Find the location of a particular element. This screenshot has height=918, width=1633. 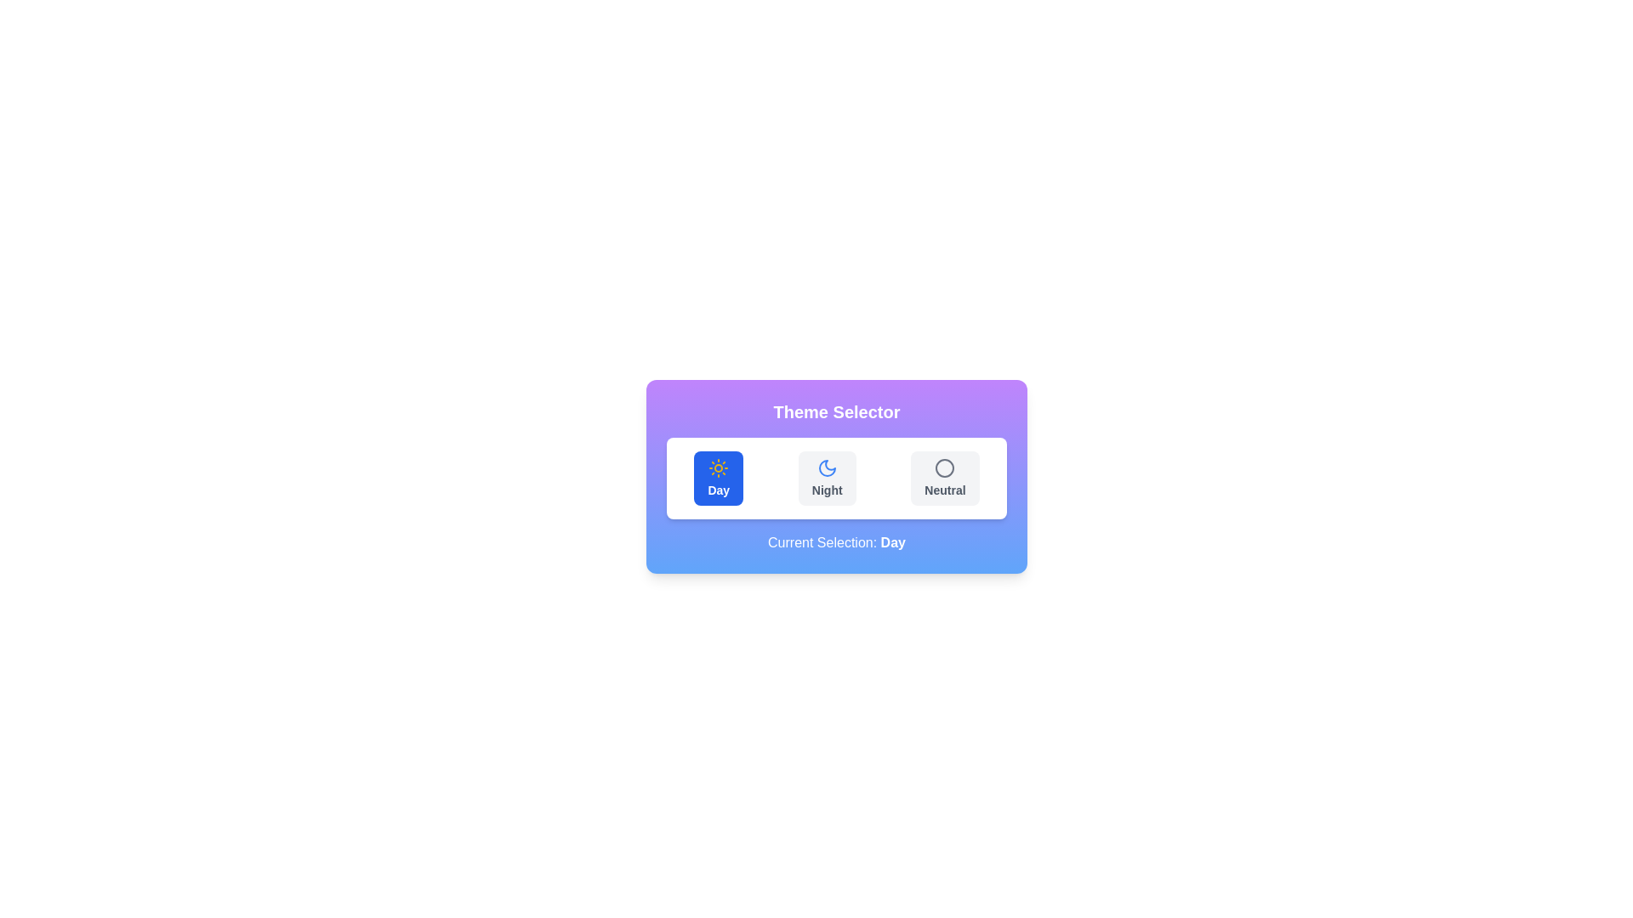

the text label reading 'Neutral', which is styled in a smaller bold font and is part of the third option in a horizontally aligned selection group, located below a circular icon is located at coordinates (944, 490).